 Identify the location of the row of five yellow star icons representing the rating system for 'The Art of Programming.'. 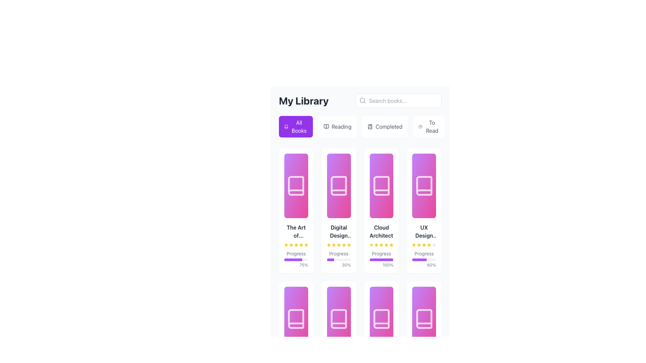
(296, 245).